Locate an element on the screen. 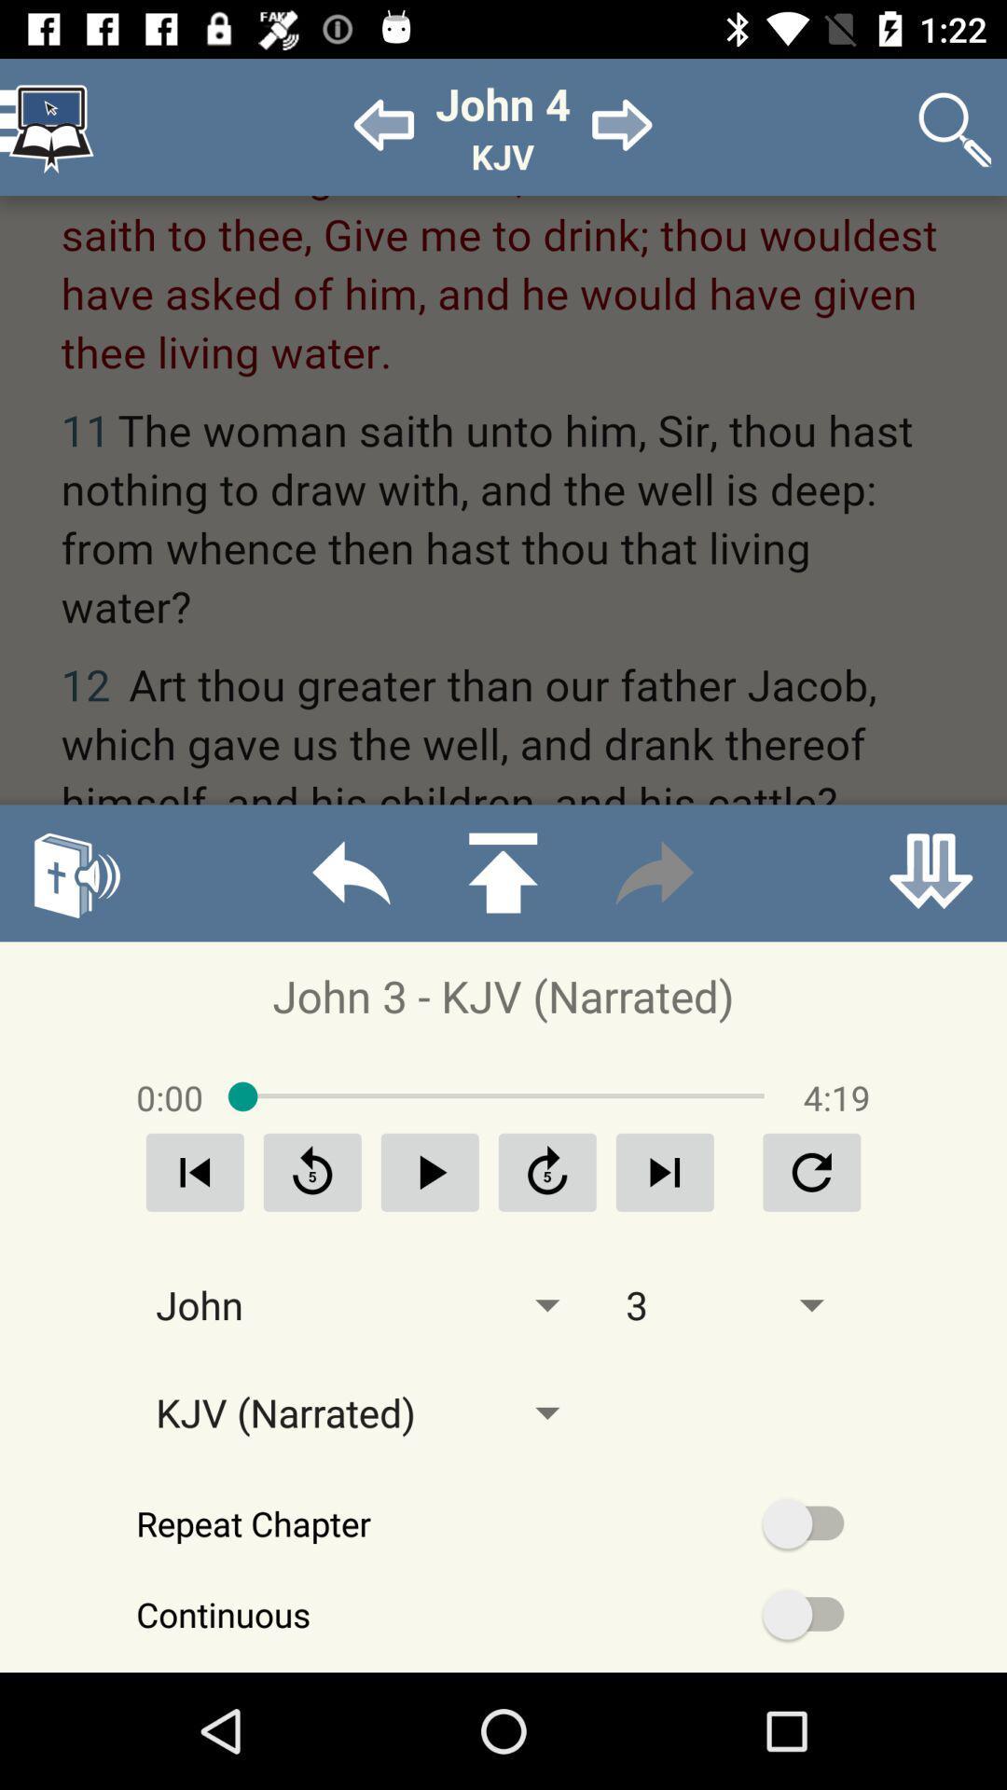 Image resolution: width=1007 pixels, height=1790 pixels. previous track is located at coordinates (195, 1171).